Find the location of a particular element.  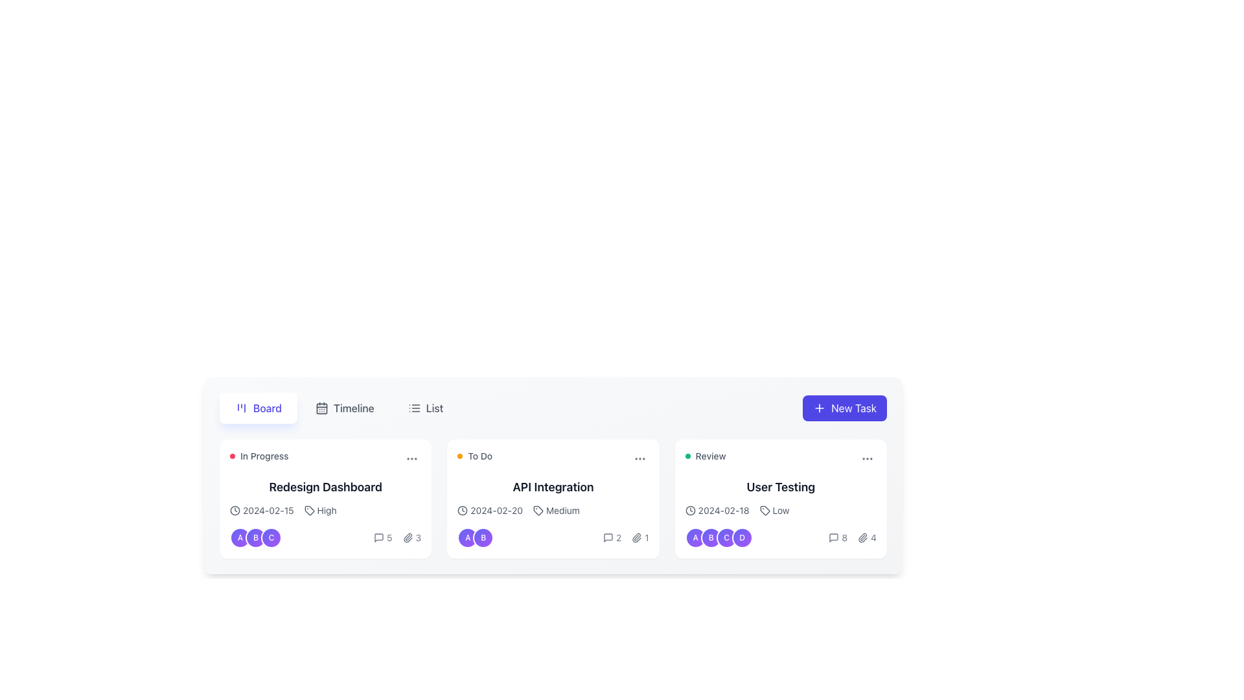

the Avatar group or user representation icons in the 'User Testing' card is located at coordinates (718, 537).